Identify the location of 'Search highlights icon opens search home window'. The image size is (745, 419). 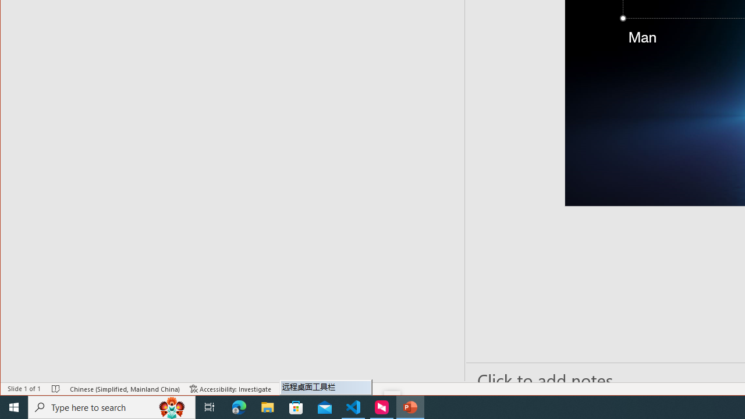
(171, 406).